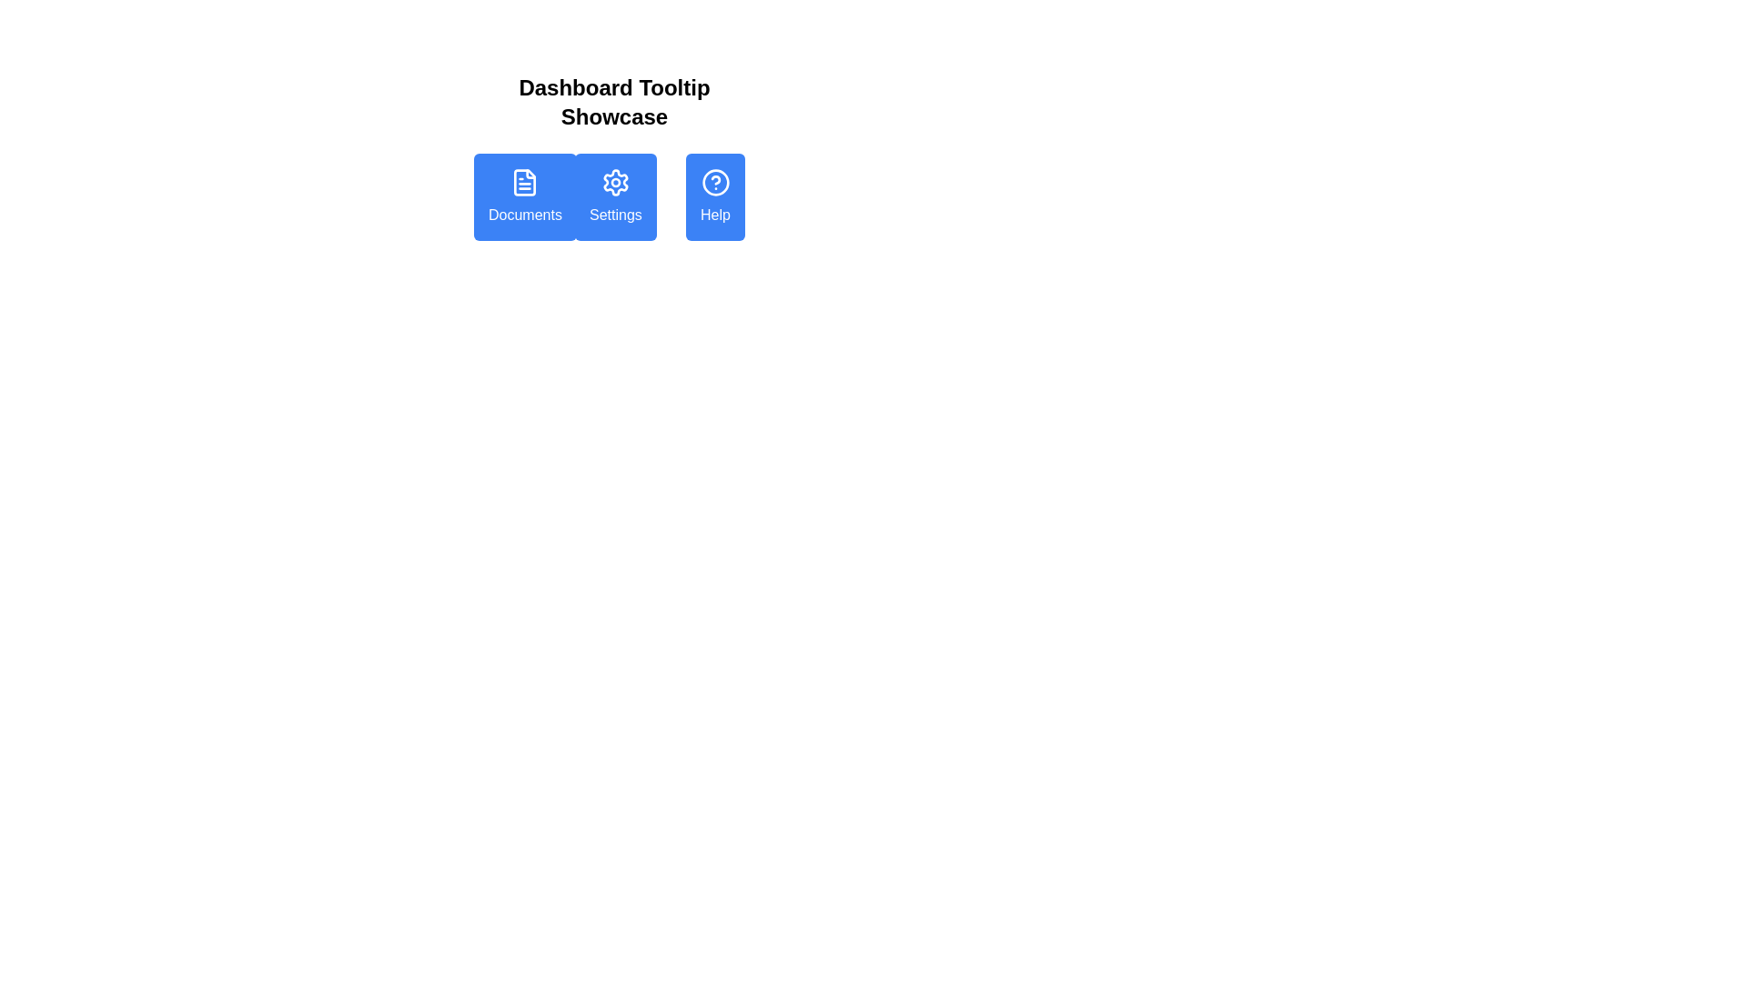 The height and width of the screenshot is (982, 1747). I want to click on the 'Documents' button by clicking on its icon, which is visually represented inside the blue rectangular button labeled 'Documents', so click(524, 182).